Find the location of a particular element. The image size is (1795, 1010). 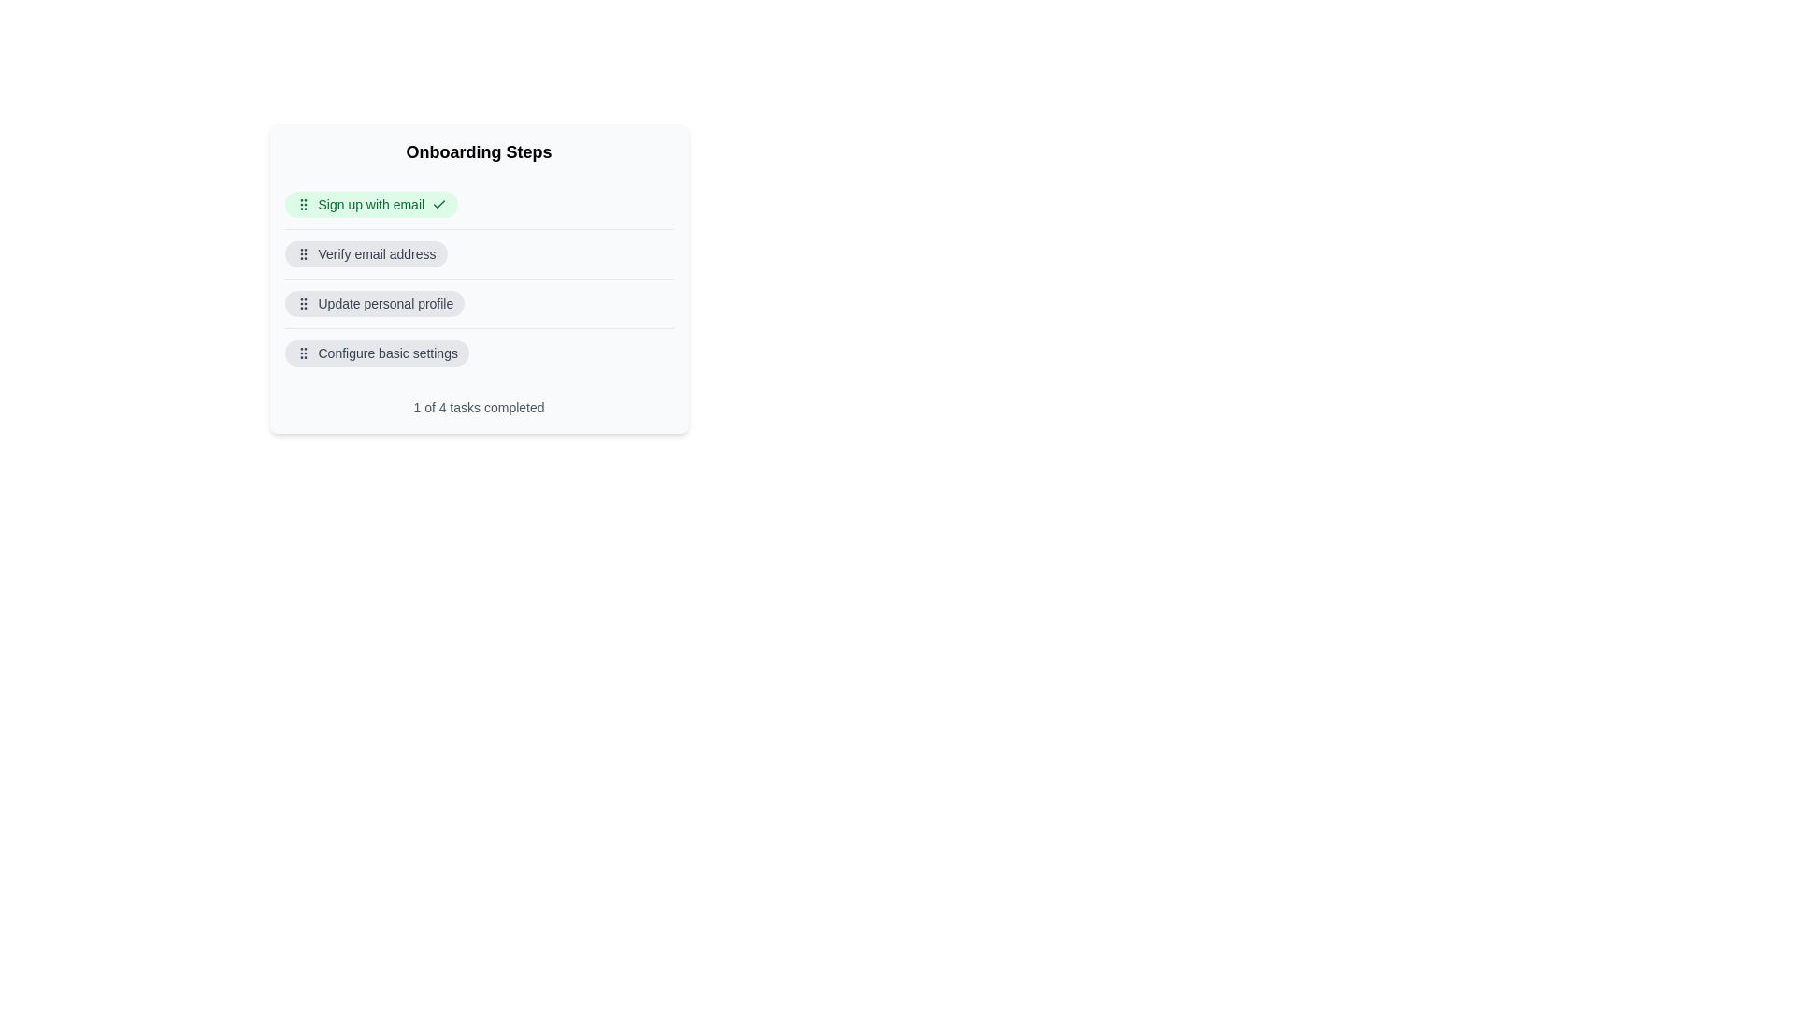

to interact with the onboarding task labeled 'Verify email address', which is the second item in the list of onboarding steps is located at coordinates (479, 253).